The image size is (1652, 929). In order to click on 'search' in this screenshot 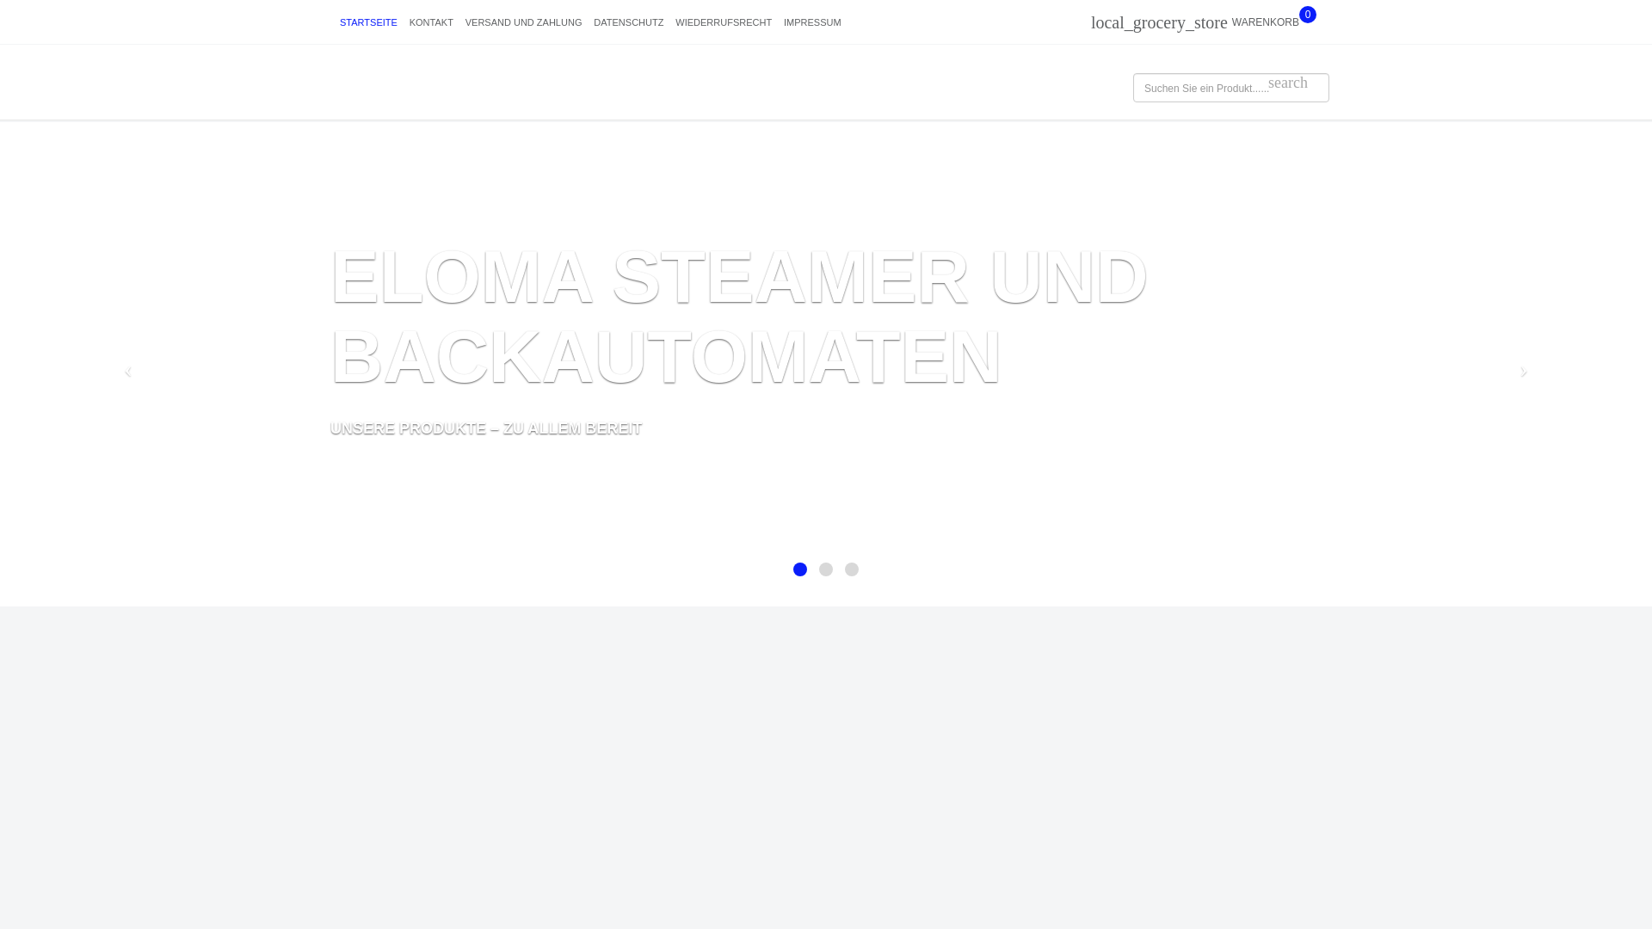, I will do `click(1288, 83)`.